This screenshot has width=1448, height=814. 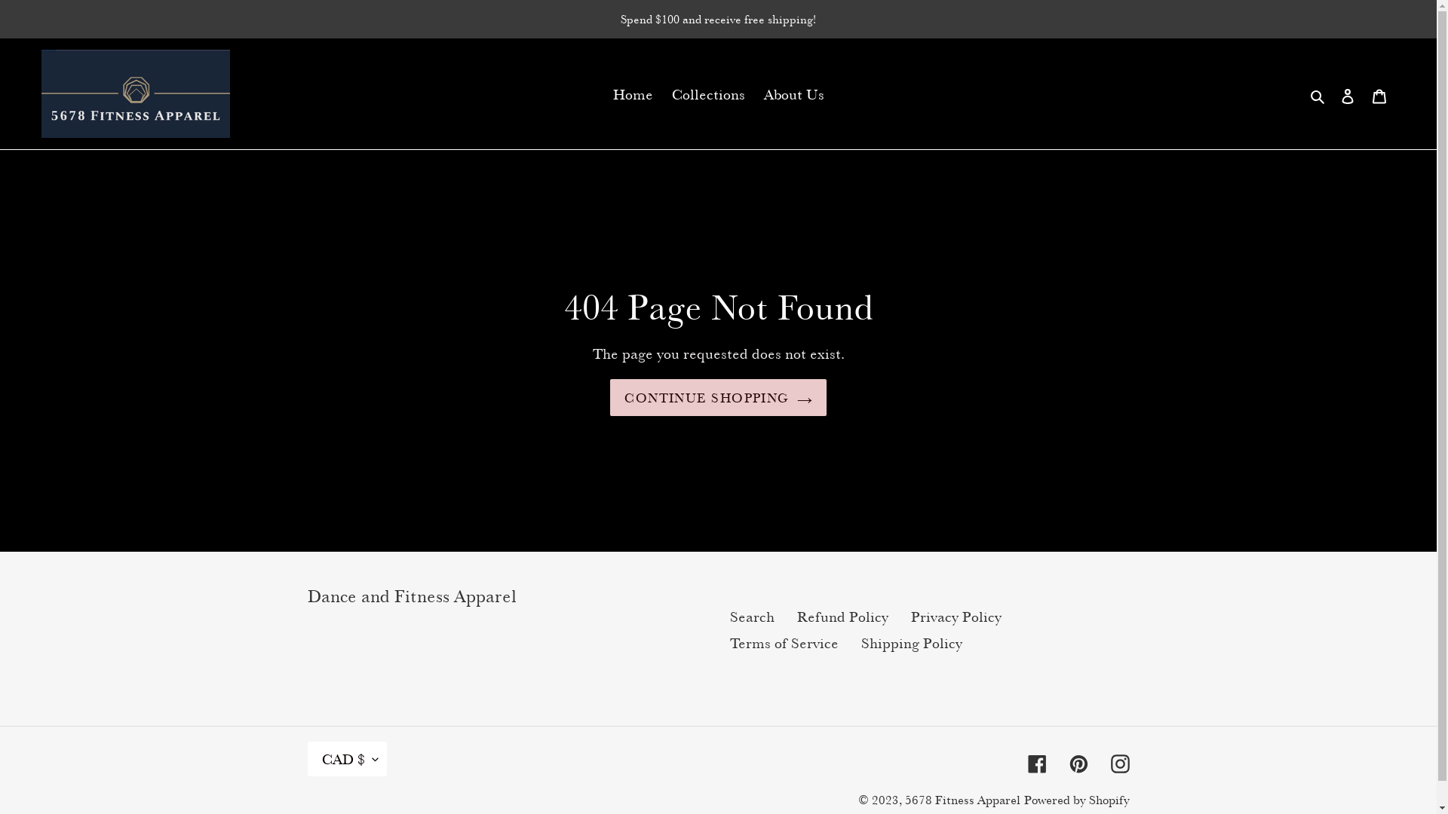 I want to click on 'Home', so click(x=632, y=93).